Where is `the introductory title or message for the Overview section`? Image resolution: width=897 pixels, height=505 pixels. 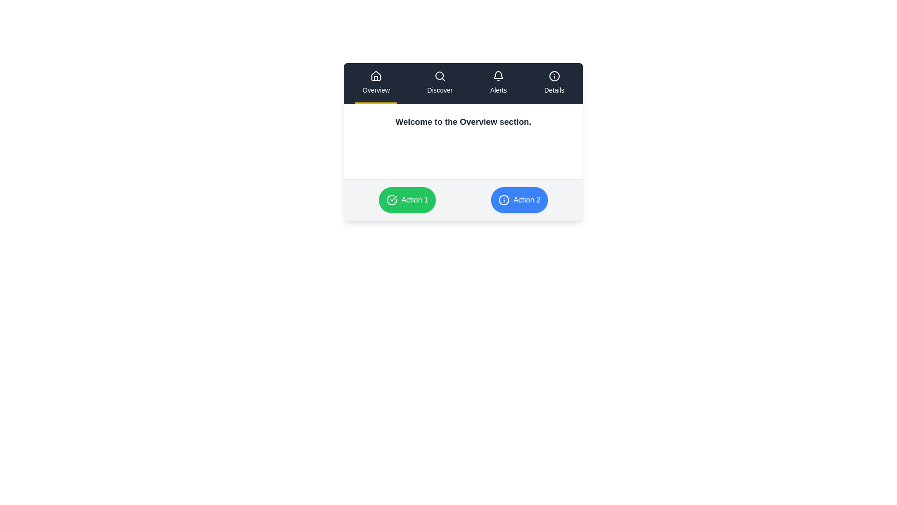 the introductory title or message for the Overview section is located at coordinates (463, 122).